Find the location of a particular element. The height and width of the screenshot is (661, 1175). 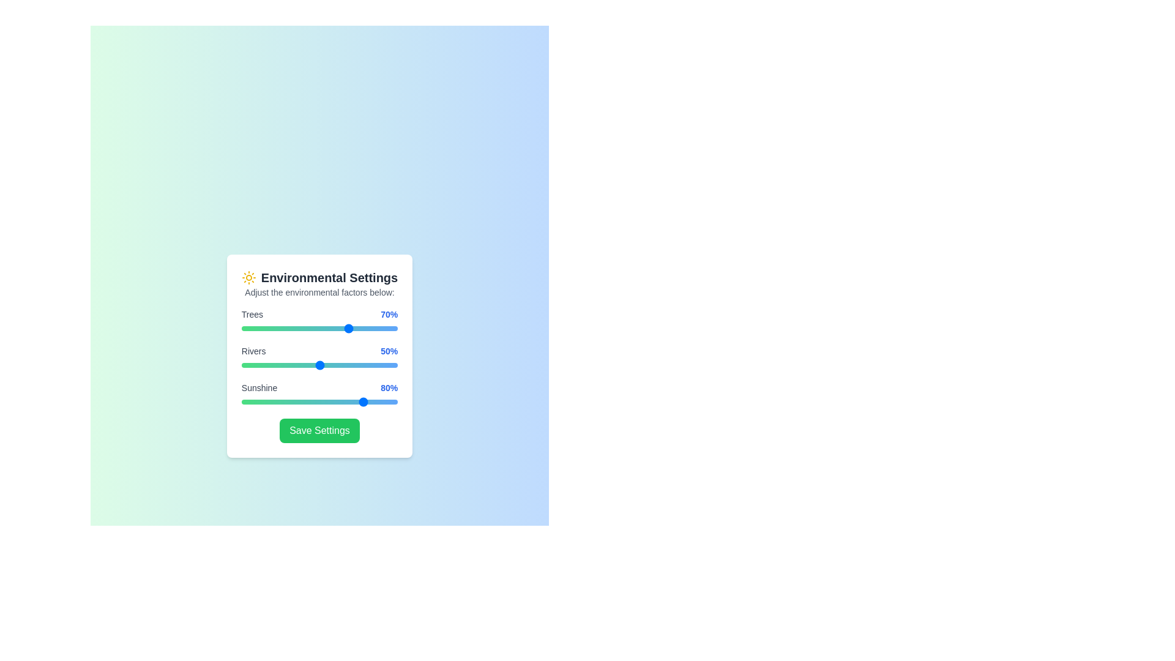

the 0 slider to 12% is located at coordinates (259, 327).